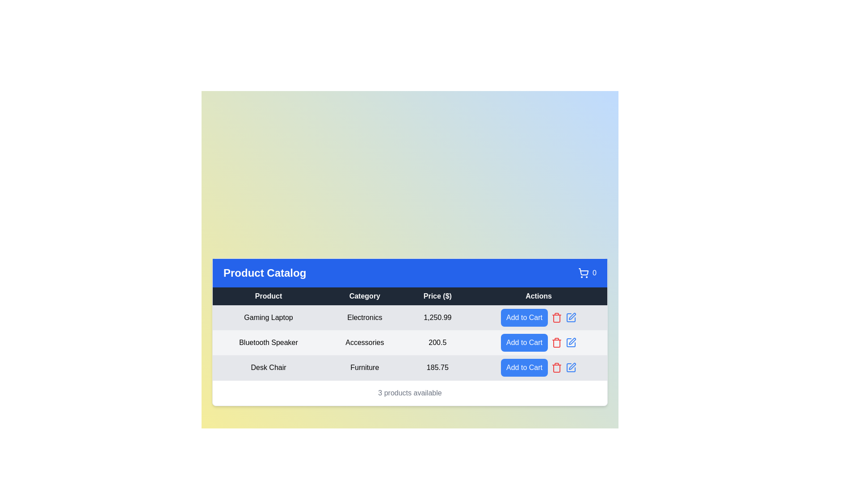 This screenshot has height=482, width=858. Describe the element at coordinates (570, 342) in the screenshot. I see `the icon button in the 'Actions' column of the product table for 'Bluetooth Speaker' to initiate editing` at that location.